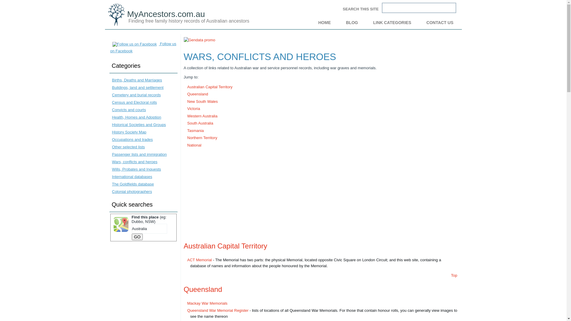 The width and height of the screenshot is (571, 321). I want to click on 'Wills, Probates and Inquests', so click(136, 169).